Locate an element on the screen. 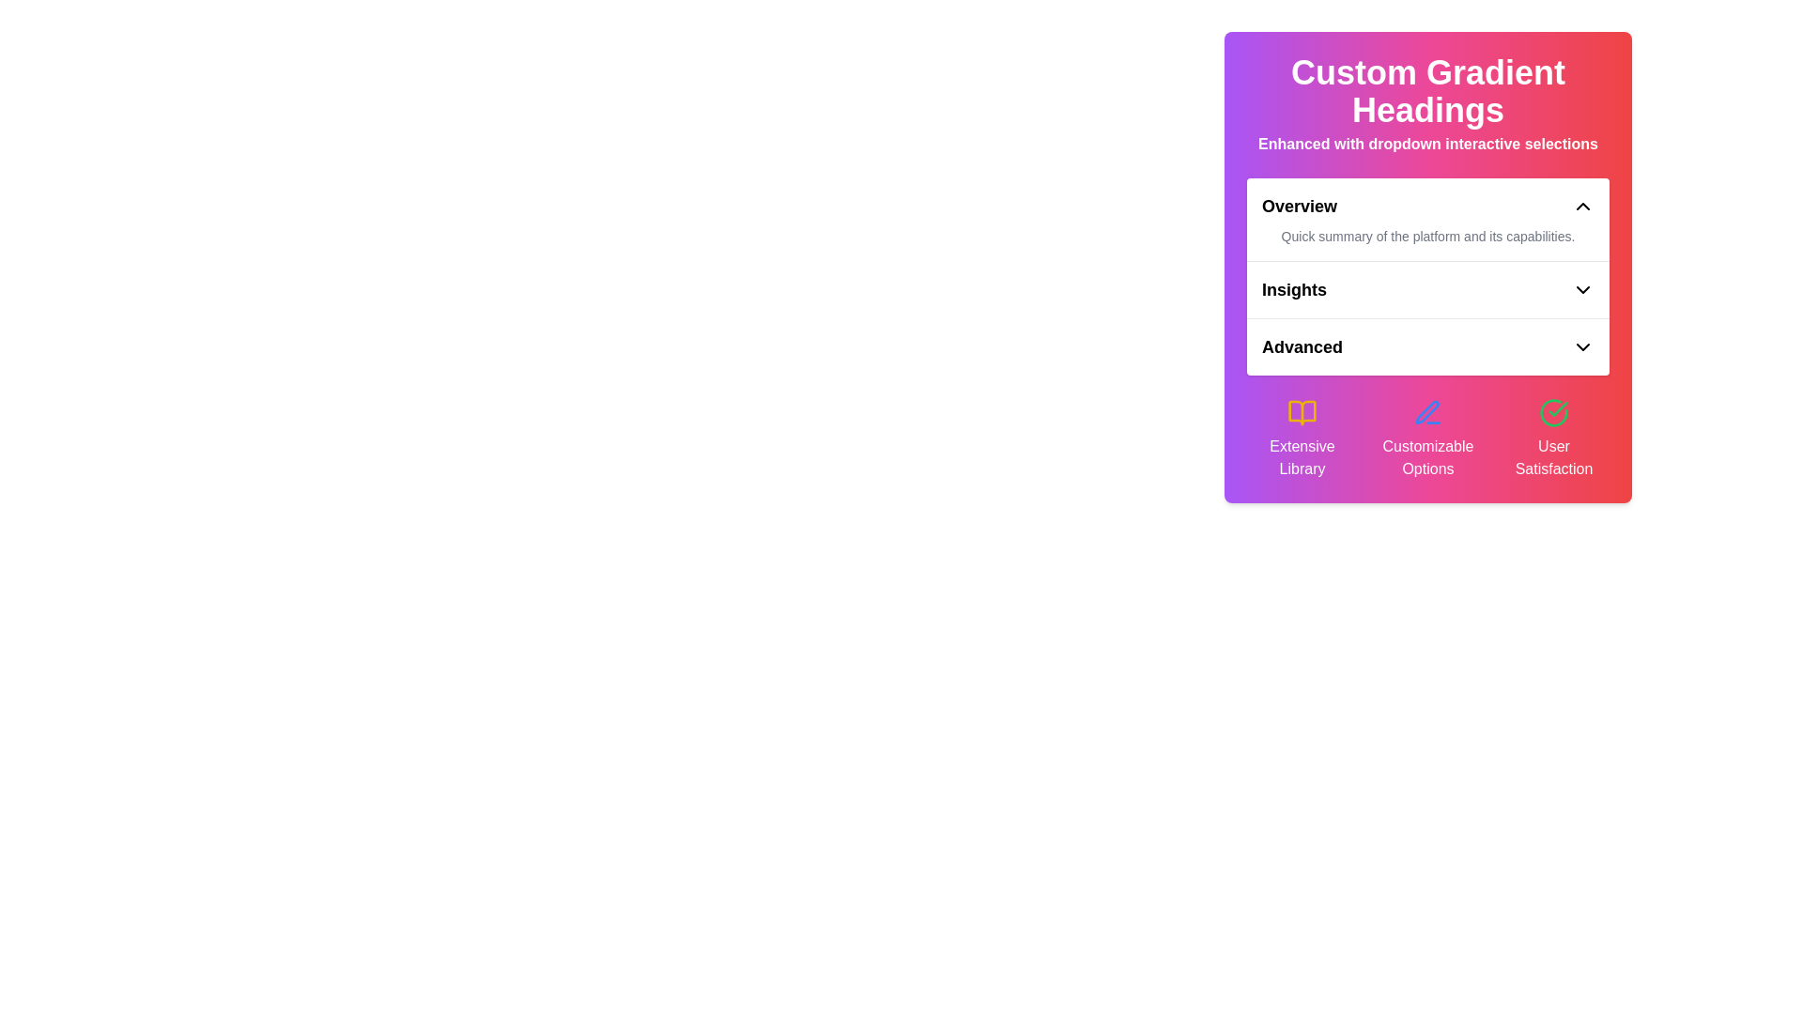 This screenshot has height=1014, width=1803. the Informational button labeled 'Customizable Options' is located at coordinates (1427, 438).